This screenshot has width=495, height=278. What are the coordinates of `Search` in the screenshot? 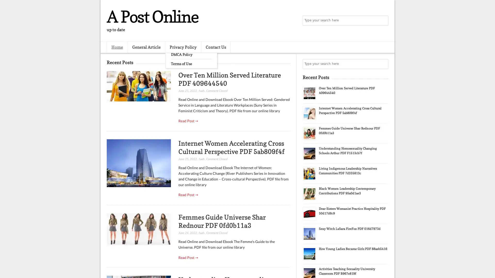 It's located at (383, 64).